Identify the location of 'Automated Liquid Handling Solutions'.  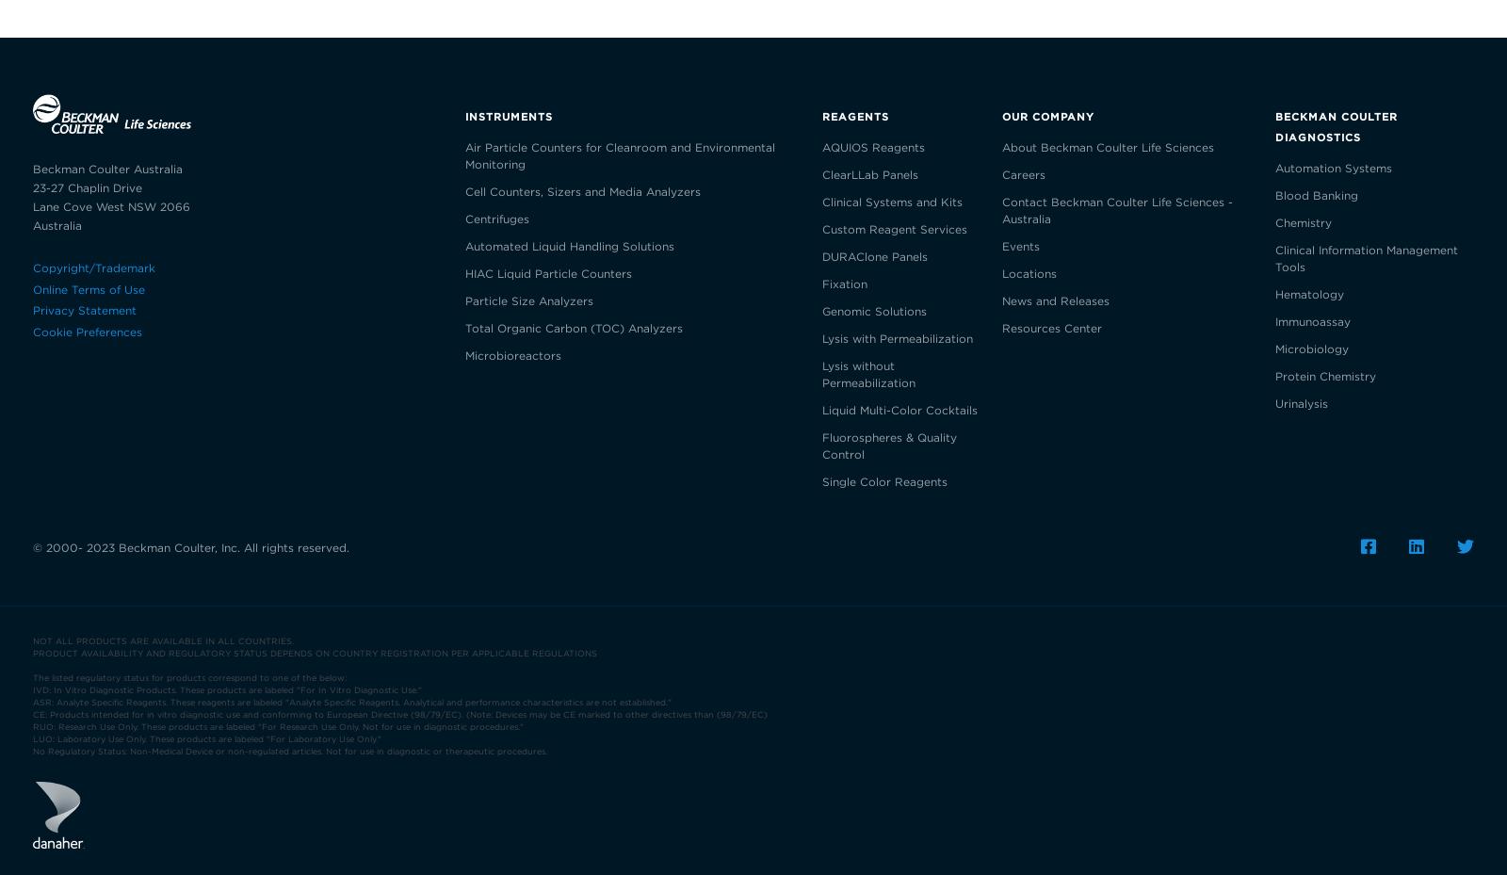
(569, 244).